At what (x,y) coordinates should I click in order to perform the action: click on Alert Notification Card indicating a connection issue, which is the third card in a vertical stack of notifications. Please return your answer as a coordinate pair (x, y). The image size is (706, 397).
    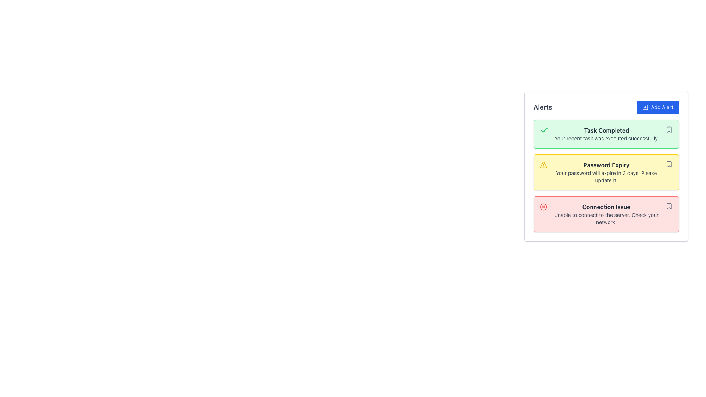
    Looking at the image, I should click on (606, 214).